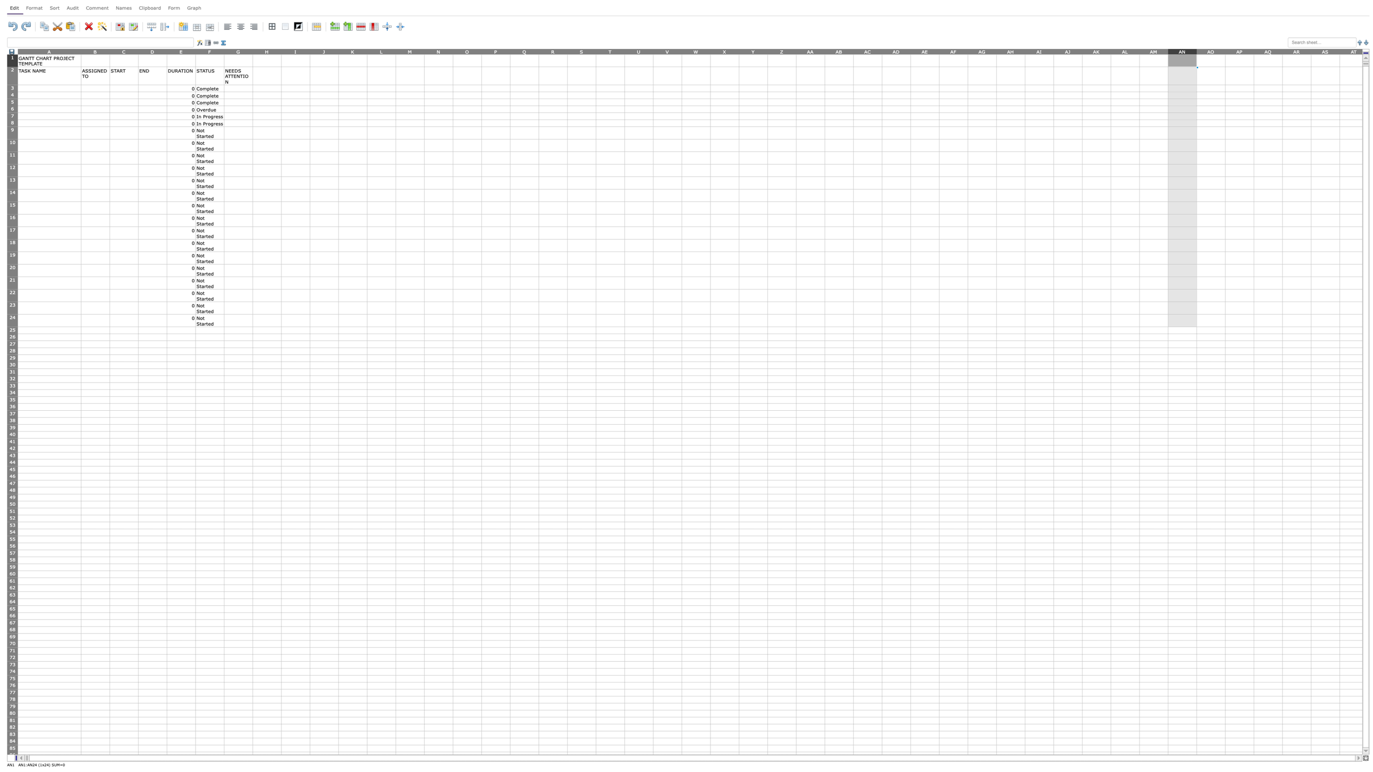 The image size is (1373, 772). What do you see at coordinates (1225, 51) in the screenshot?
I see `column AO's width resize handle` at bounding box center [1225, 51].